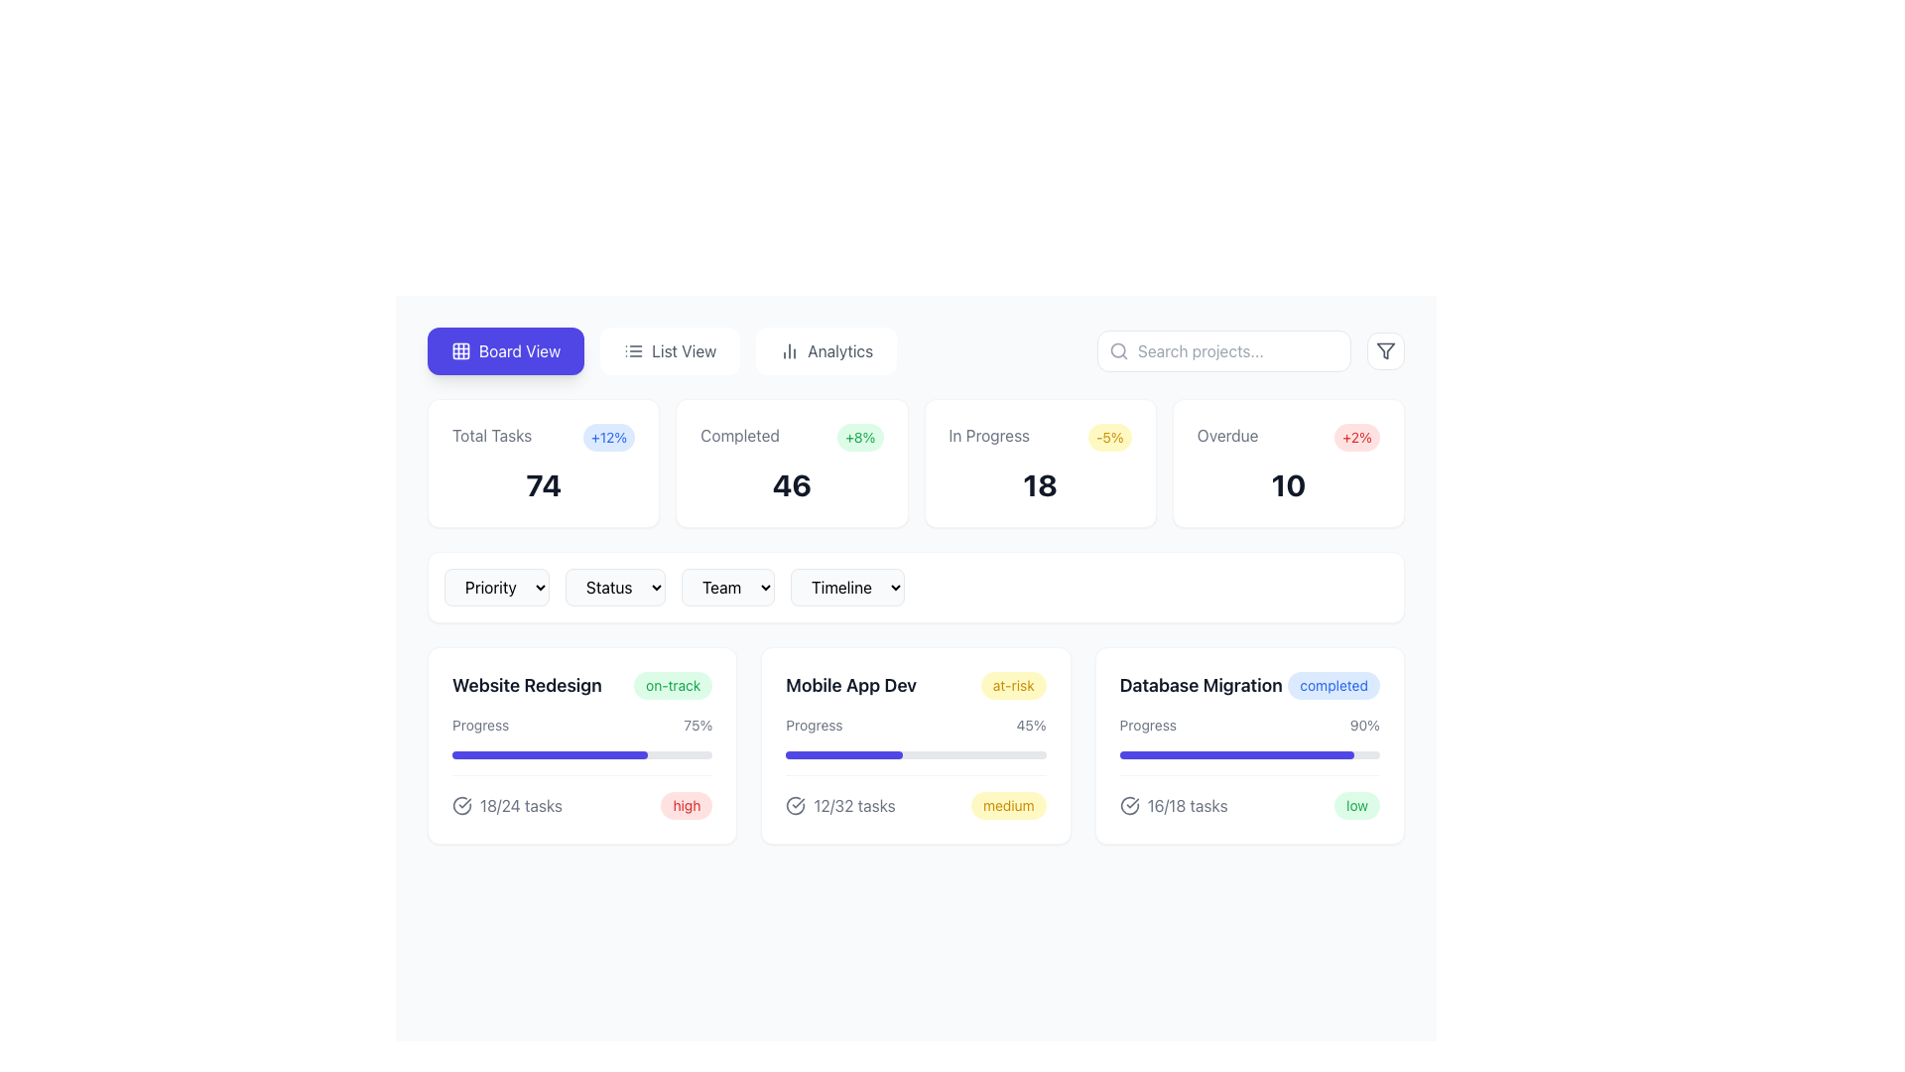 The height and width of the screenshot is (1072, 1905). I want to click on the text label within the navigation button that directs users to the analytics section, located between a bar chart icon and a search bar, so click(840, 350).